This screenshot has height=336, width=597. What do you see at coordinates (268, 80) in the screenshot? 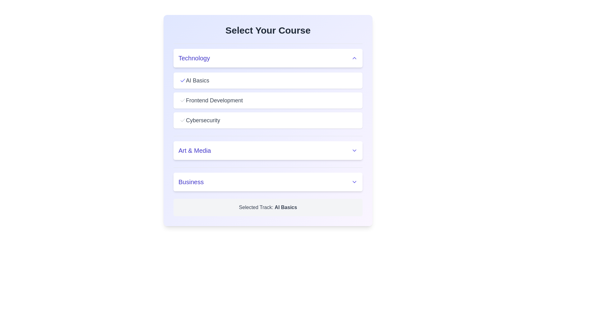
I see `the first selectable list item for the 'AI Basics' course located under the 'Technology' section` at bounding box center [268, 80].